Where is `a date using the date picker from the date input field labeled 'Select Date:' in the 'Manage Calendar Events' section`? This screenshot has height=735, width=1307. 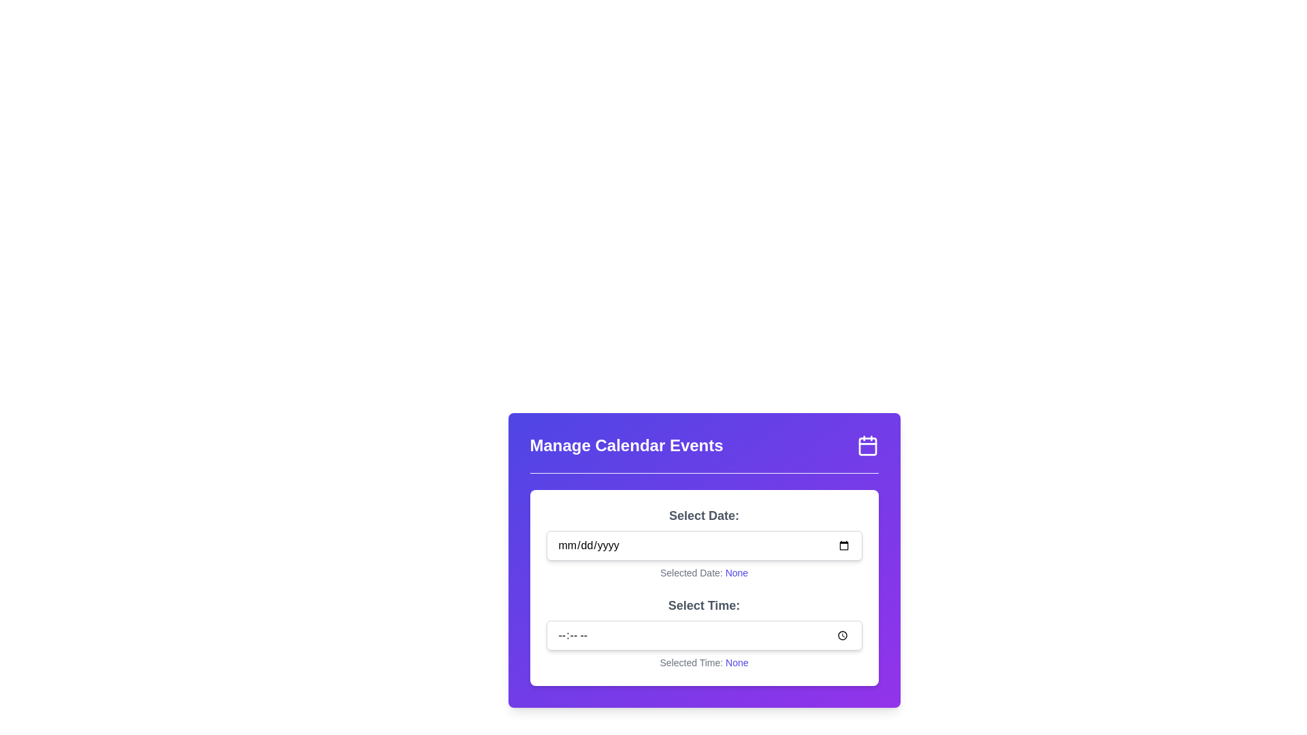 a date using the date picker from the date input field labeled 'Select Date:' in the 'Manage Calendar Events' section is located at coordinates (704, 542).